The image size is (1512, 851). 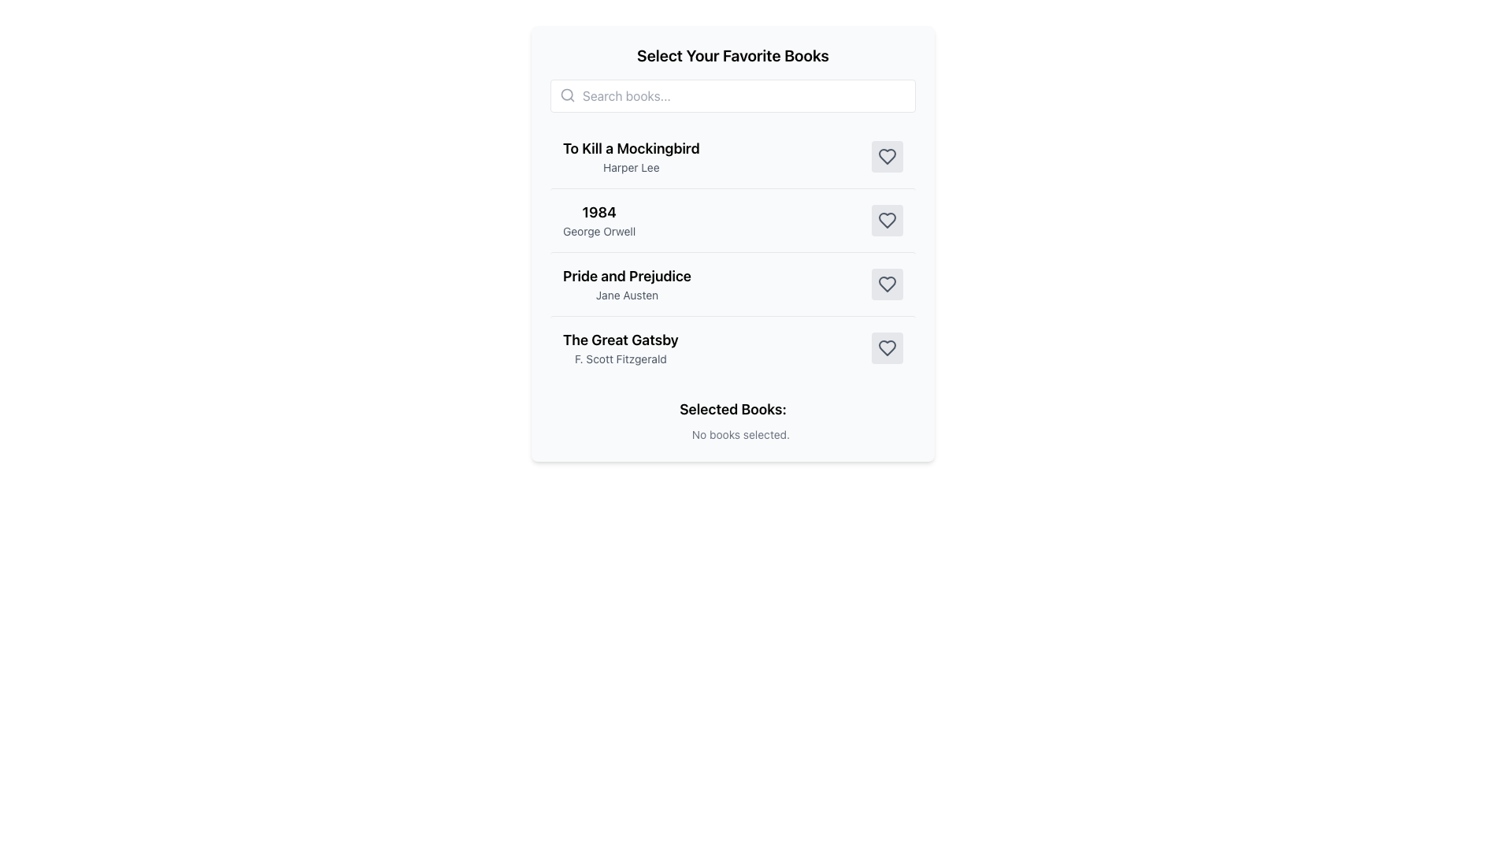 I want to click on the heart-shaped icon associated with the book '1984' by George Orwell, so click(x=888, y=221).